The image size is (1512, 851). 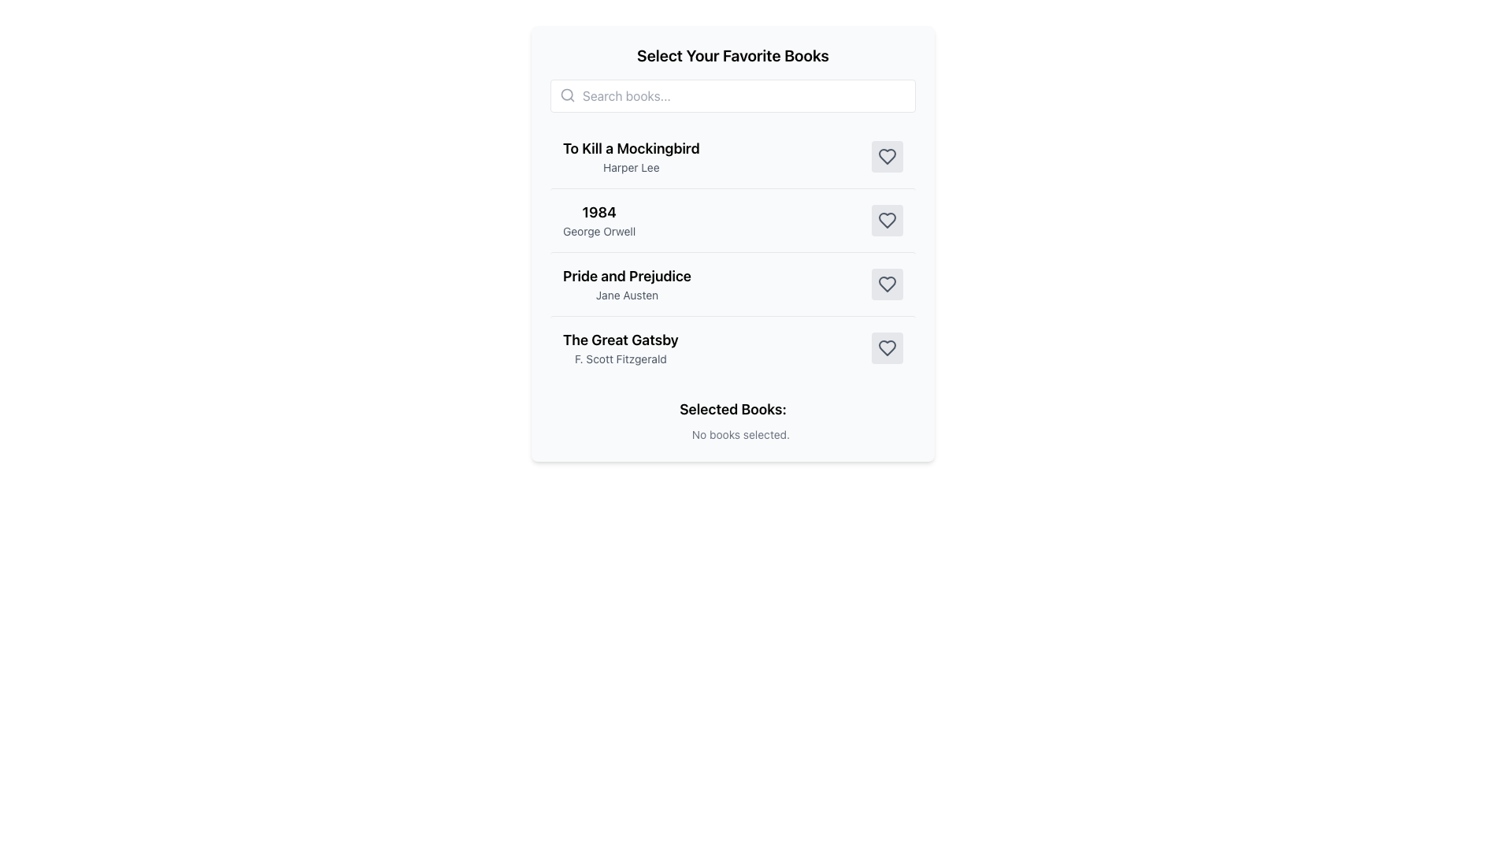 I want to click on the heart-shaped icon associated with the book '1984' by George Orwell, so click(x=888, y=221).